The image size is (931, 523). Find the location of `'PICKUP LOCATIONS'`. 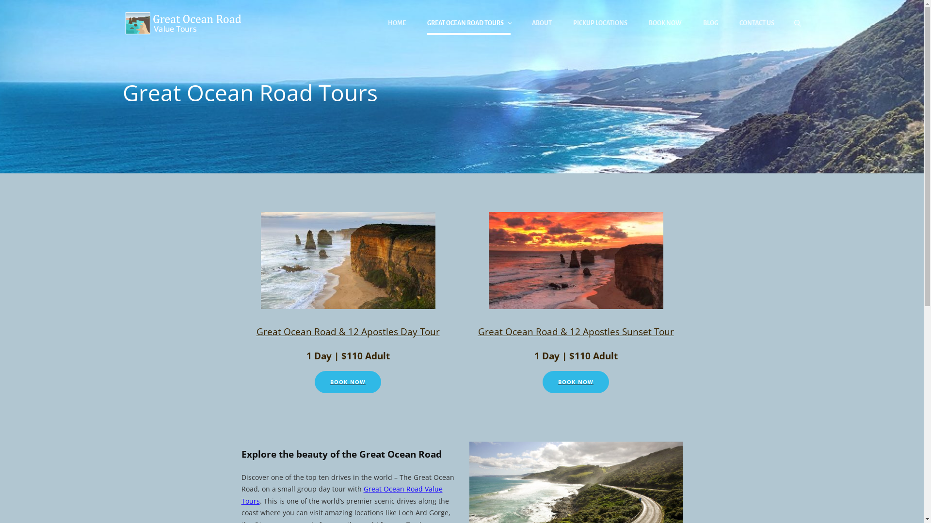

'PICKUP LOCATIONS' is located at coordinates (600, 22).